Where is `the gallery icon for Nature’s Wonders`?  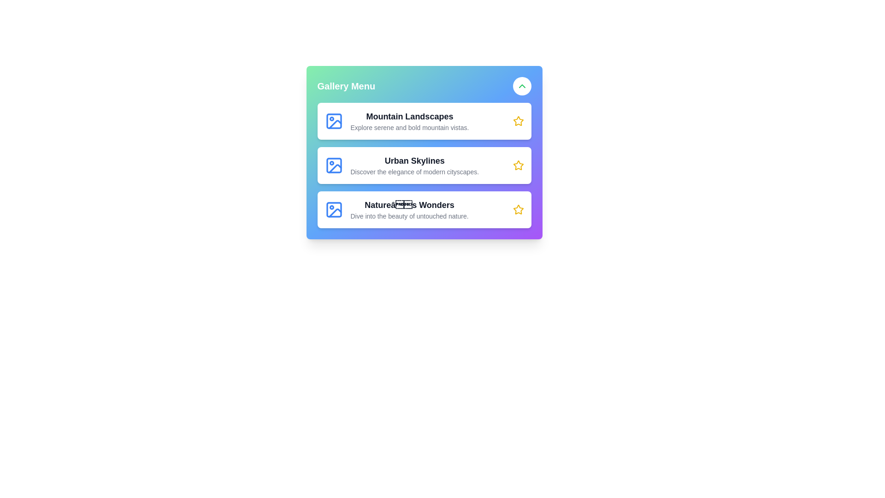
the gallery icon for Nature’s Wonders is located at coordinates (333, 210).